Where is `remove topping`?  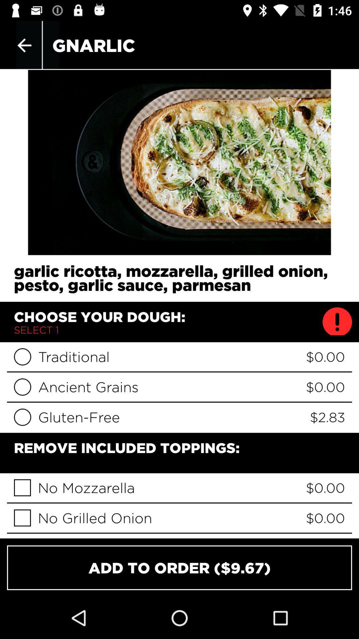 remove topping is located at coordinates (22, 518).